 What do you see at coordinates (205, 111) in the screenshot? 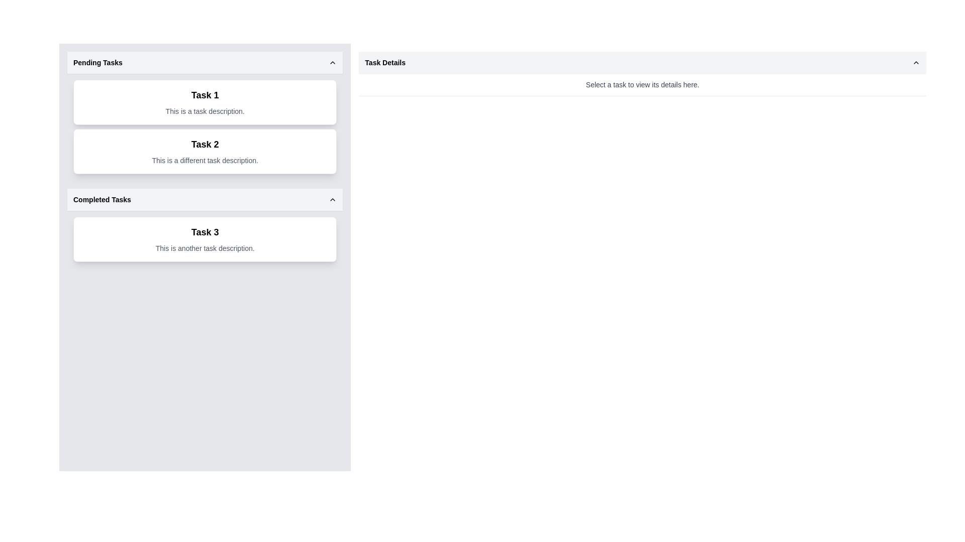
I see `the description text located beneath 'Task 1', which is centered within the first task card in the 'Pending Tasks' section` at bounding box center [205, 111].